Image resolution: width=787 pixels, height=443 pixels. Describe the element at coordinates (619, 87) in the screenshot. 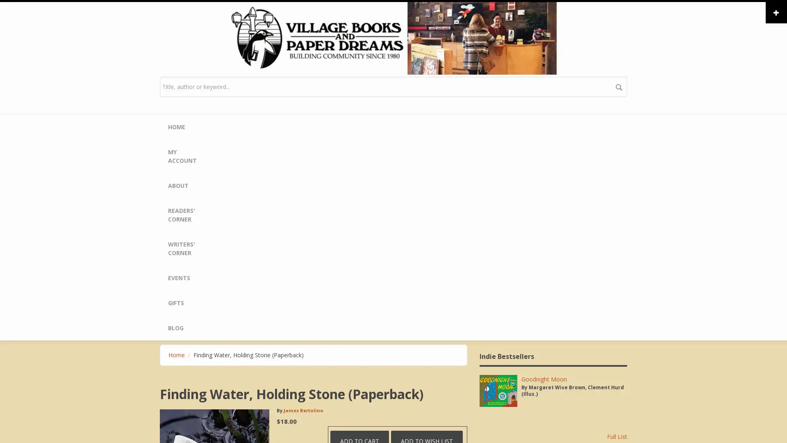

I see `search` at that location.